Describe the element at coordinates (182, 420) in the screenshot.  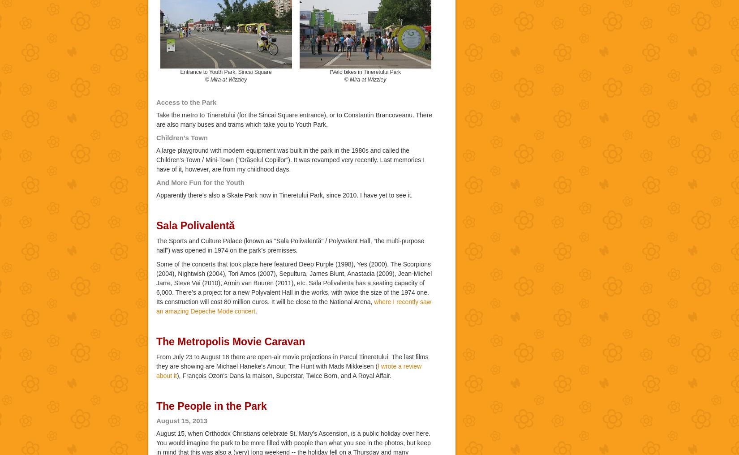
I see `'August 15, 2013'` at that location.